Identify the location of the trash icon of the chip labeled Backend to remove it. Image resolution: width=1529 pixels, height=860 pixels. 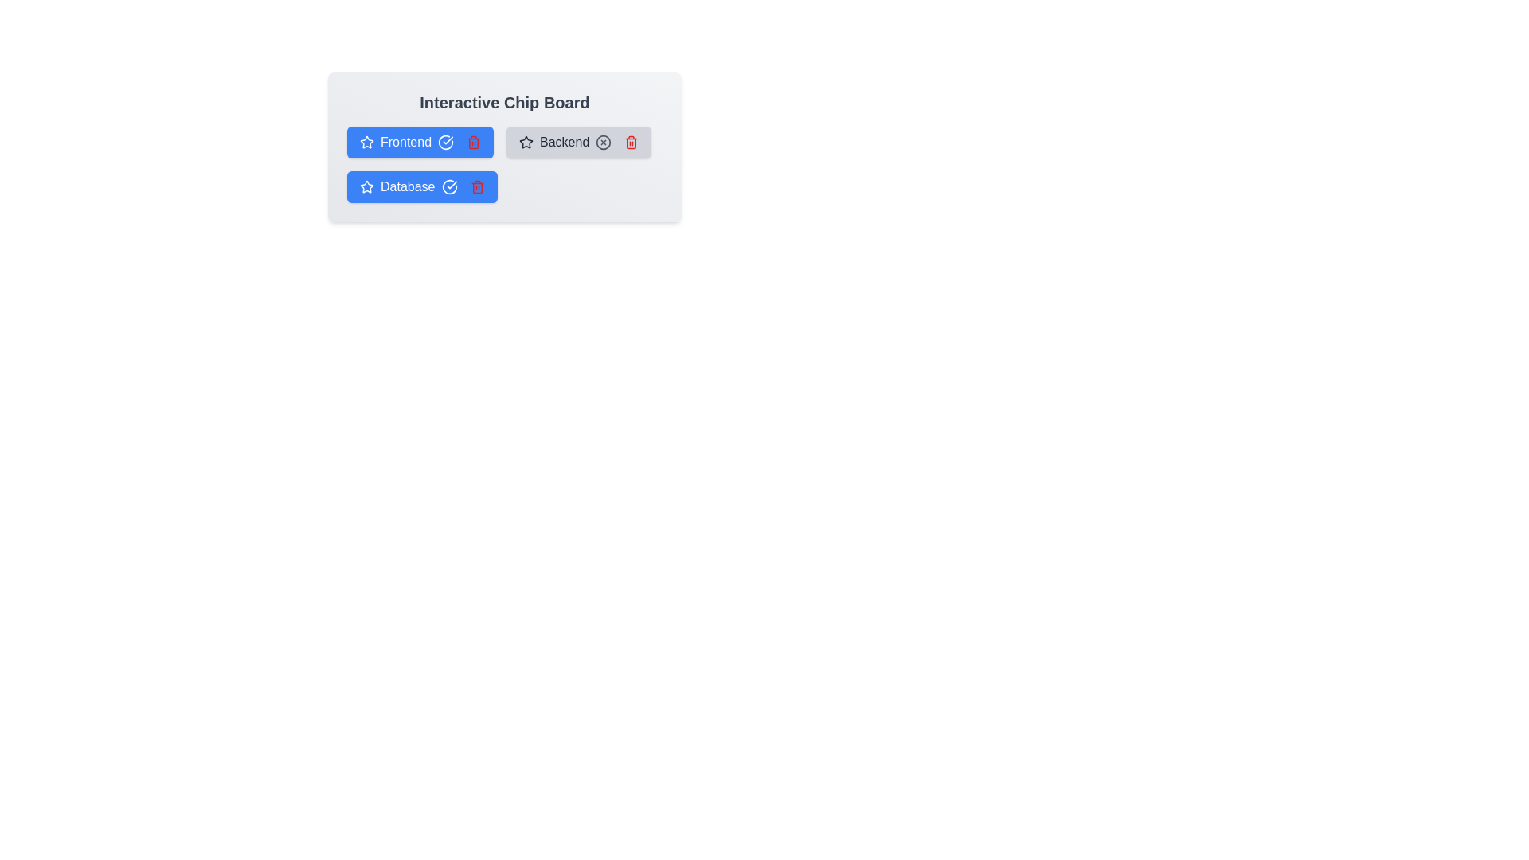
(631, 141).